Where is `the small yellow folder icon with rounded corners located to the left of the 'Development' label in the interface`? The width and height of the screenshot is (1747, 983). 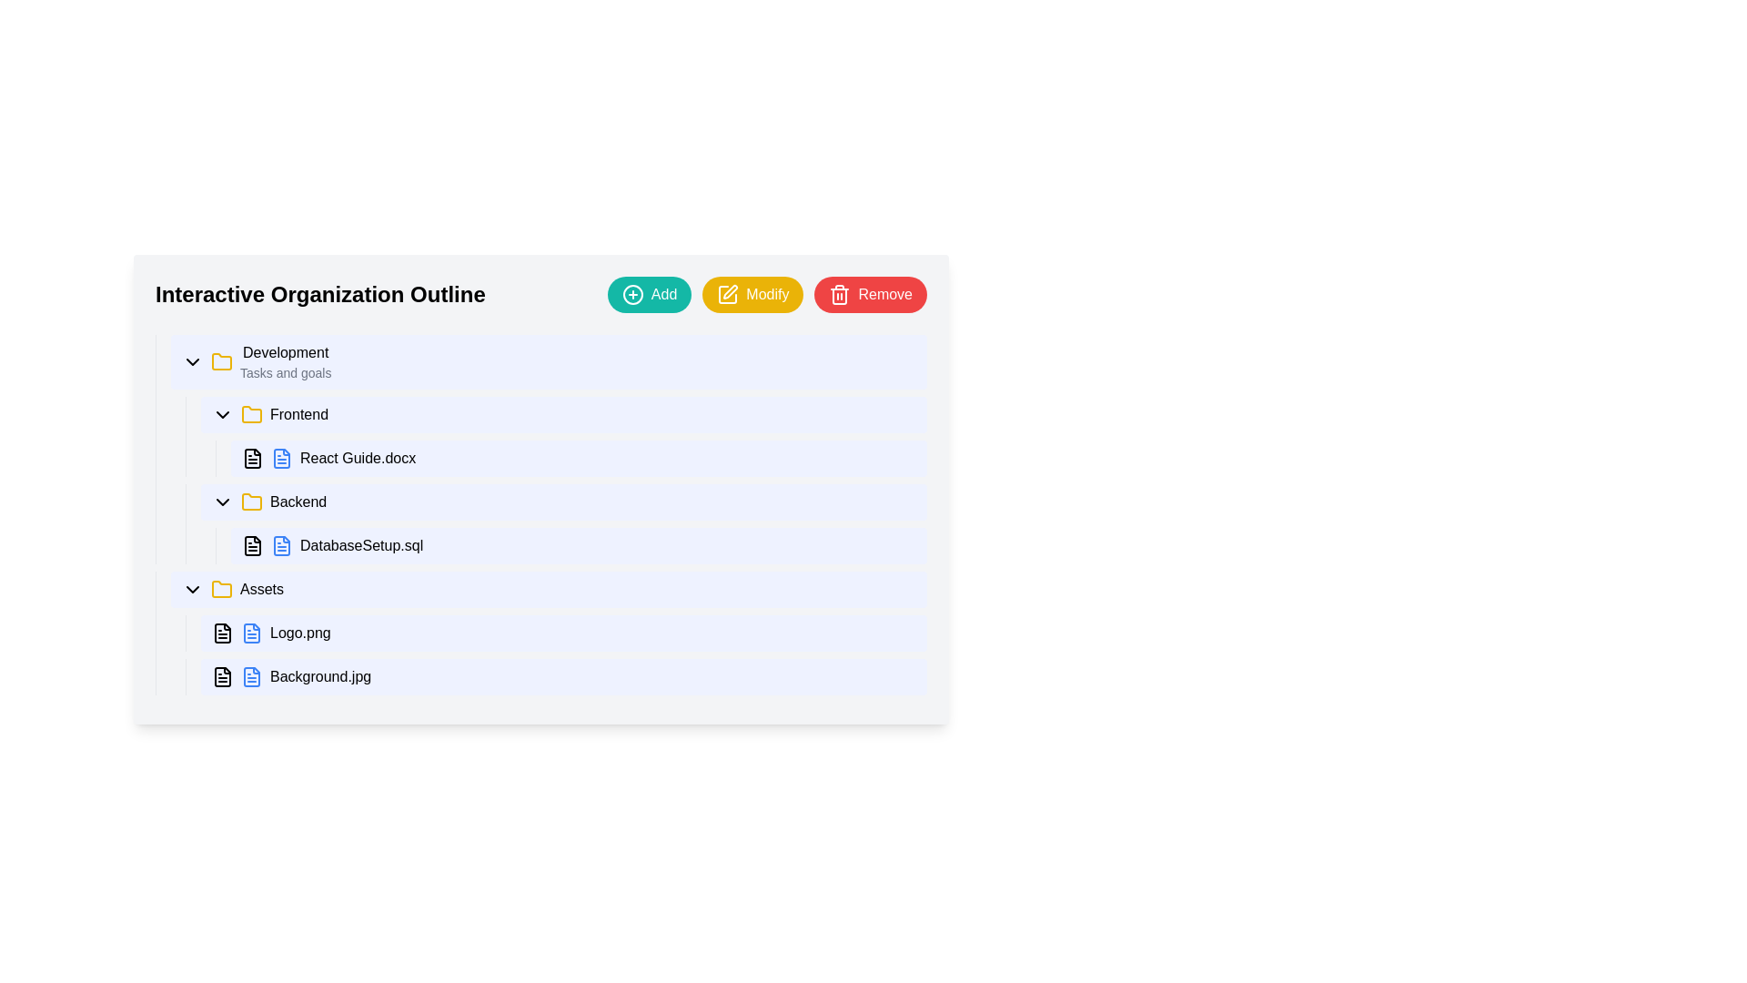
the small yellow folder icon with rounded corners located to the left of the 'Development' label in the interface is located at coordinates (221, 361).